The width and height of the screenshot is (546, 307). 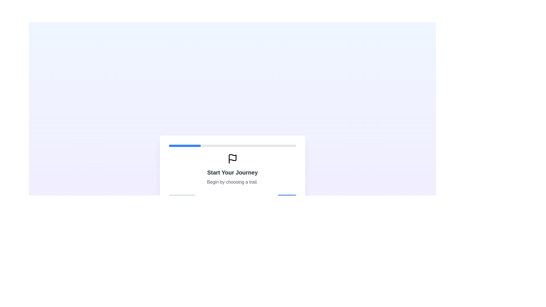 What do you see at coordinates (232, 182) in the screenshot?
I see `the gray styled text 'Begin by choosing a trail.' which is centrally positioned below the title 'Start Your Journey' to trigger a tooltip or style change` at bounding box center [232, 182].